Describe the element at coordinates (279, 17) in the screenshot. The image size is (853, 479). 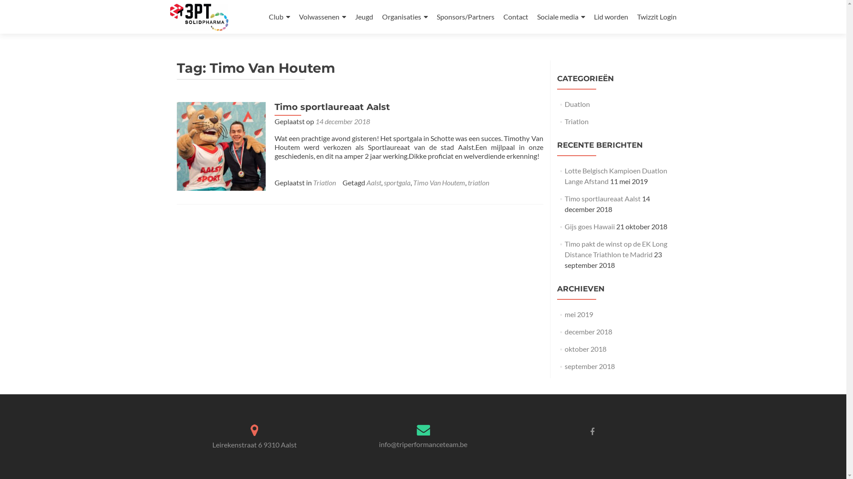
I see `'Club'` at that location.